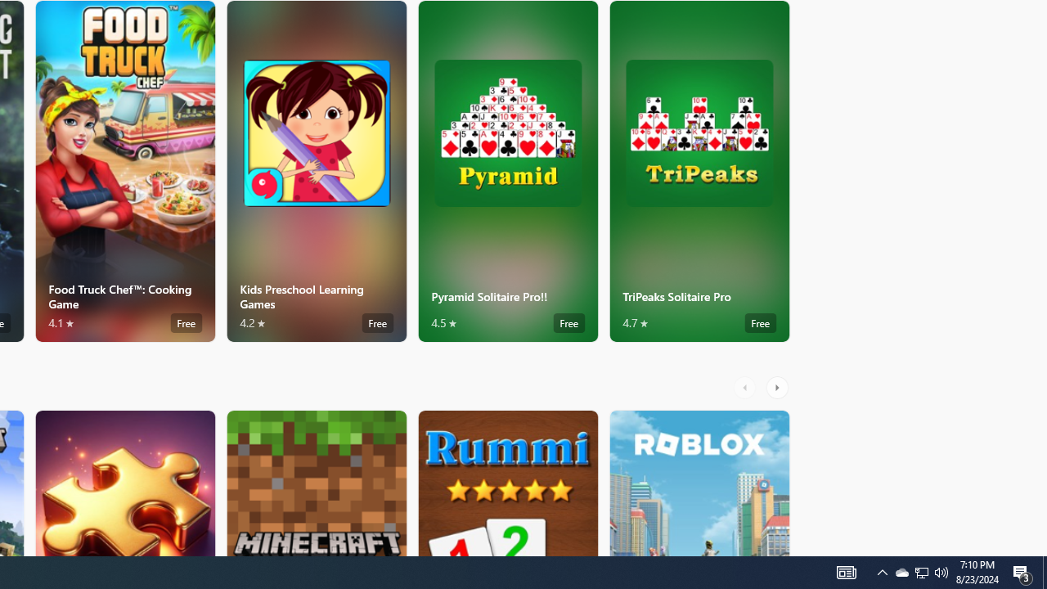  Describe the element at coordinates (746, 387) in the screenshot. I see `'AutomationID: LeftScrollButton'` at that location.